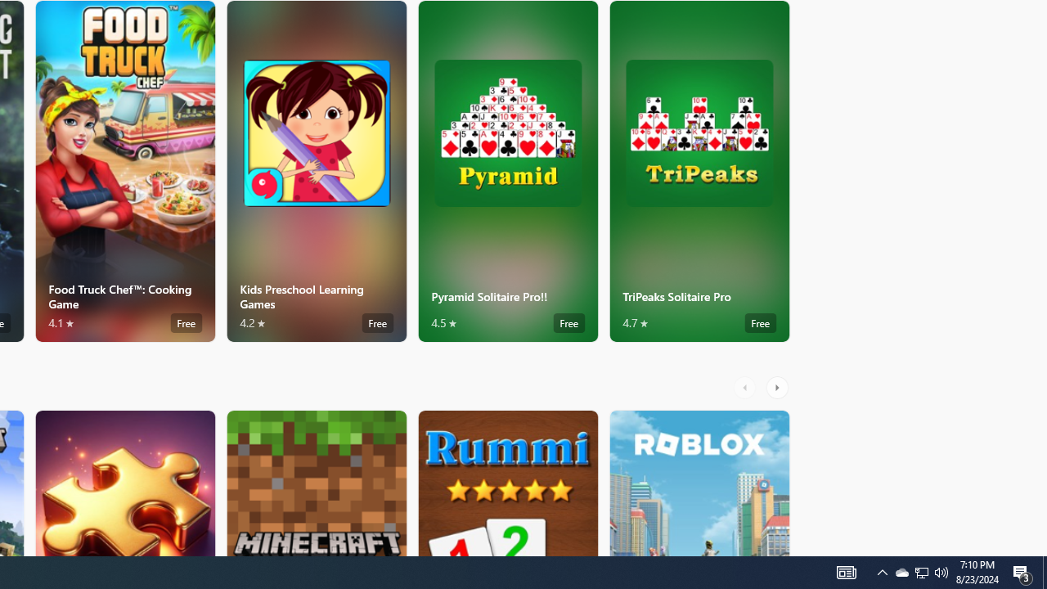  Describe the element at coordinates (746, 387) in the screenshot. I see `'AutomationID: LeftScrollButton'` at that location.